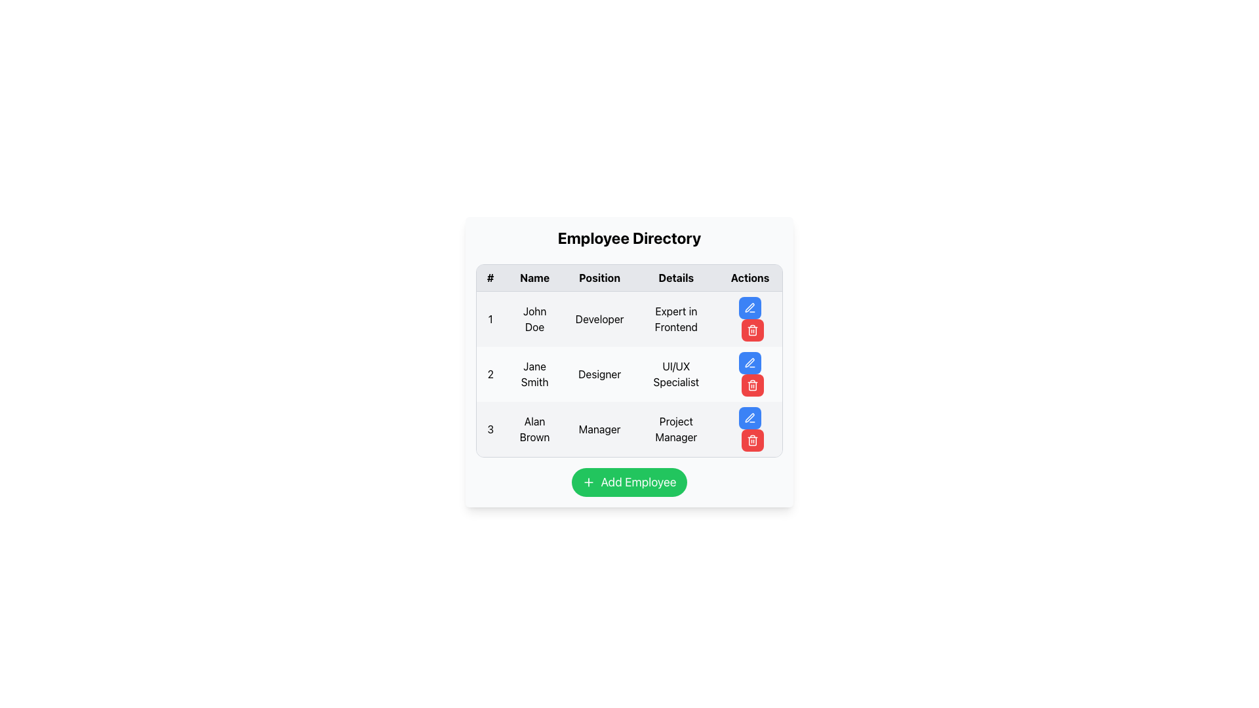 The image size is (1259, 708). I want to click on the delete button located in the last row labeled '3', which is associated with 'Alan Brown', so click(750, 429).